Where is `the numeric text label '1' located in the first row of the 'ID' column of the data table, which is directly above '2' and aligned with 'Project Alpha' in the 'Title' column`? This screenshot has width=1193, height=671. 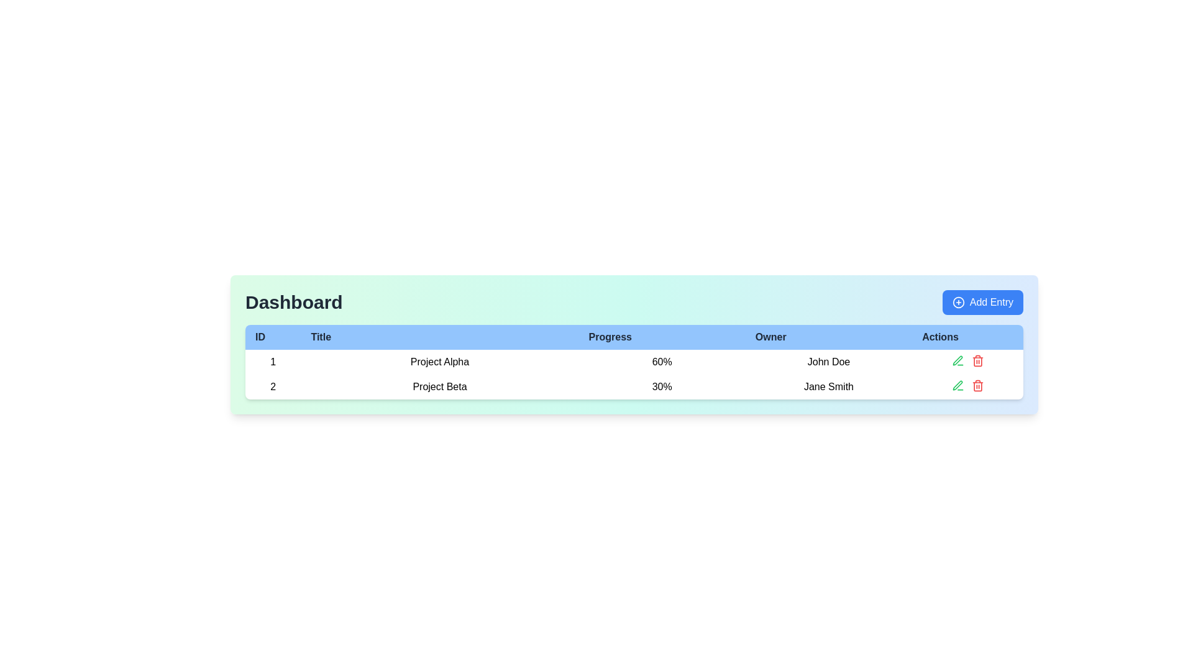 the numeric text label '1' located in the first row of the 'ID' column of the data table, which is directly above '2' and aligned with 'Project Alpha' in the 'Title' column is located at coordinates (272, 362).